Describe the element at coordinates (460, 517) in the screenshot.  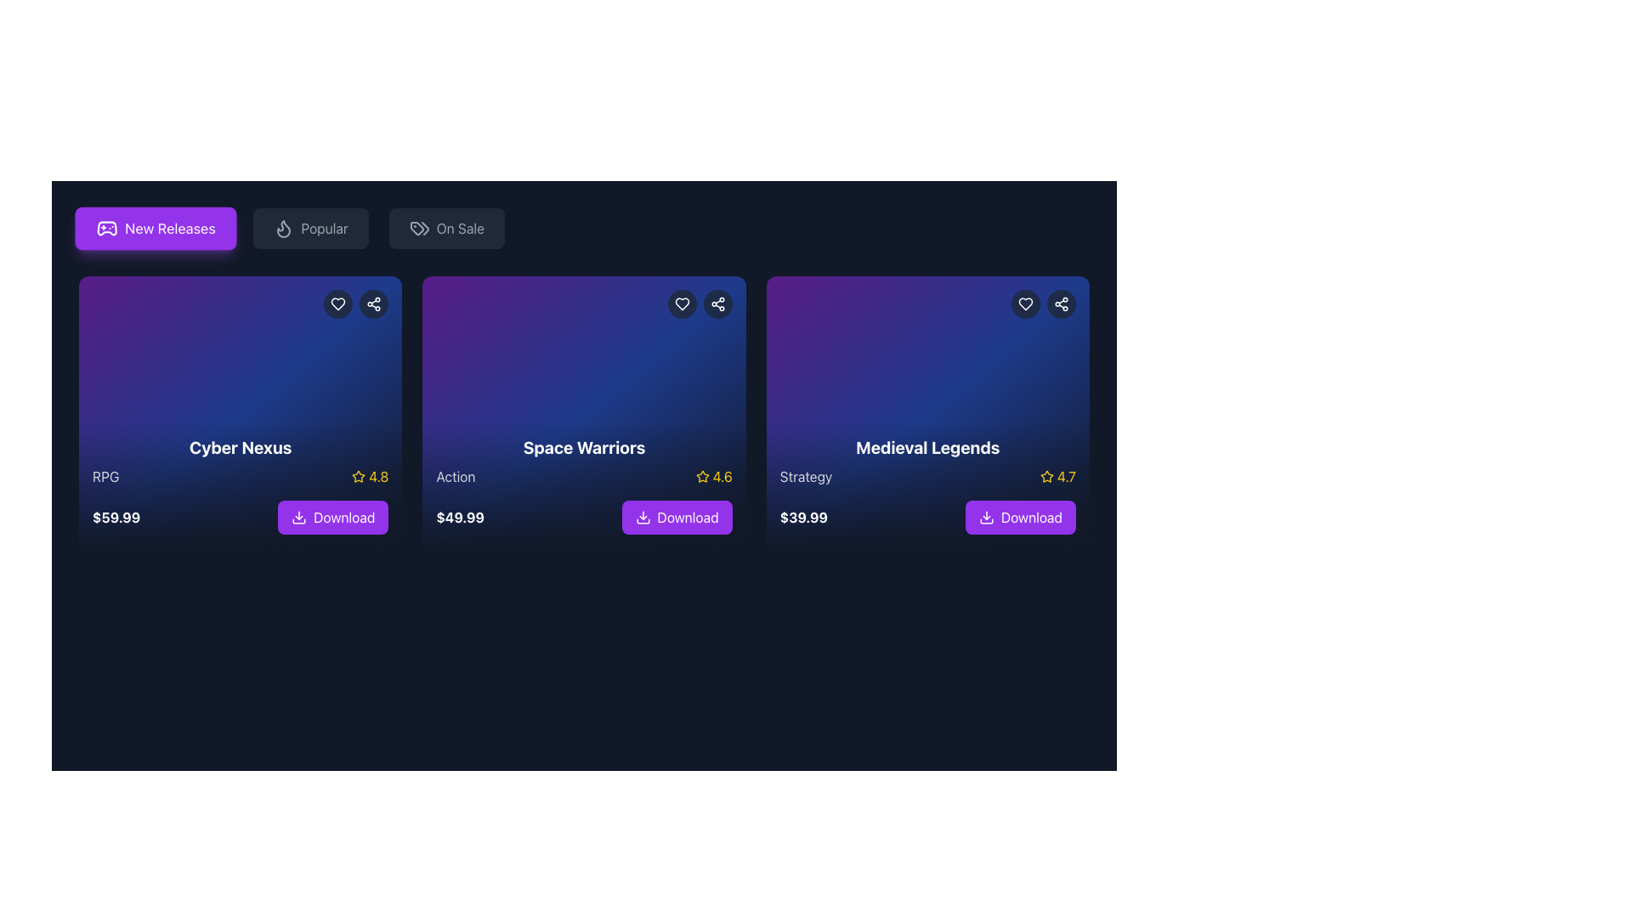
I see `the price display text label showing '$49.99' prominently in bold white font, located at the bottom-left of the 'Space Warriors' card above the 'Download' button` at that location.